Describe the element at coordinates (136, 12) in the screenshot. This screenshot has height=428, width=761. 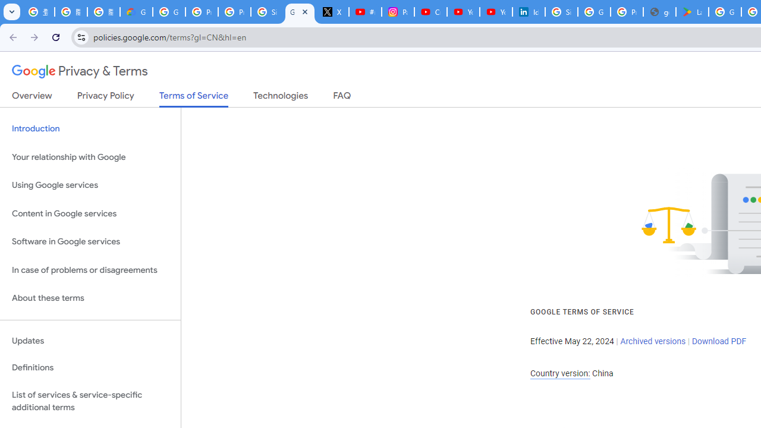
I see `'Google Cloud Privacy Notice'` at that location.